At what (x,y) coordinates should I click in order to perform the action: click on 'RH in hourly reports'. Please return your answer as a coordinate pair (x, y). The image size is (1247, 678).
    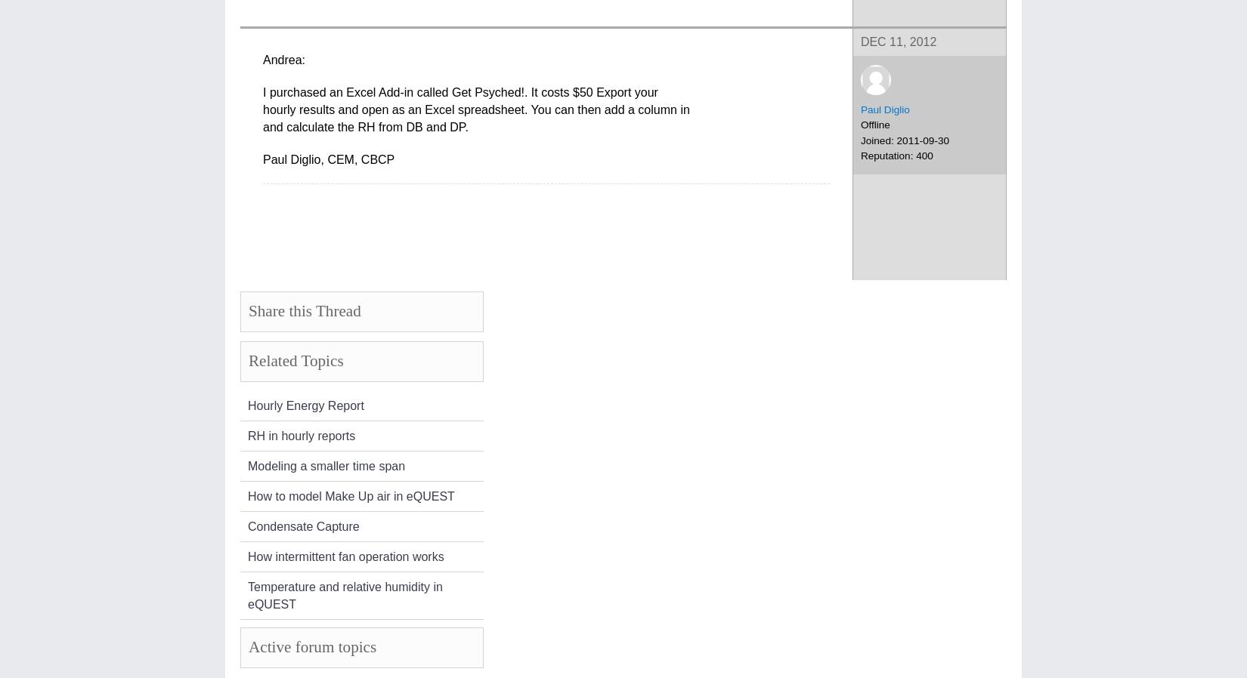
    Looking at the image, I should click on (248, 434).